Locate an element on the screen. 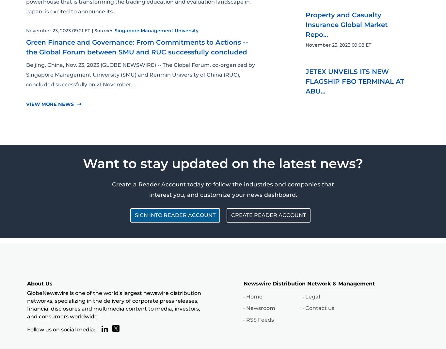 This screenshot has height=349, width=446. 'November 23, 2023 09:08 ET' is located at coordinates (338, 44).